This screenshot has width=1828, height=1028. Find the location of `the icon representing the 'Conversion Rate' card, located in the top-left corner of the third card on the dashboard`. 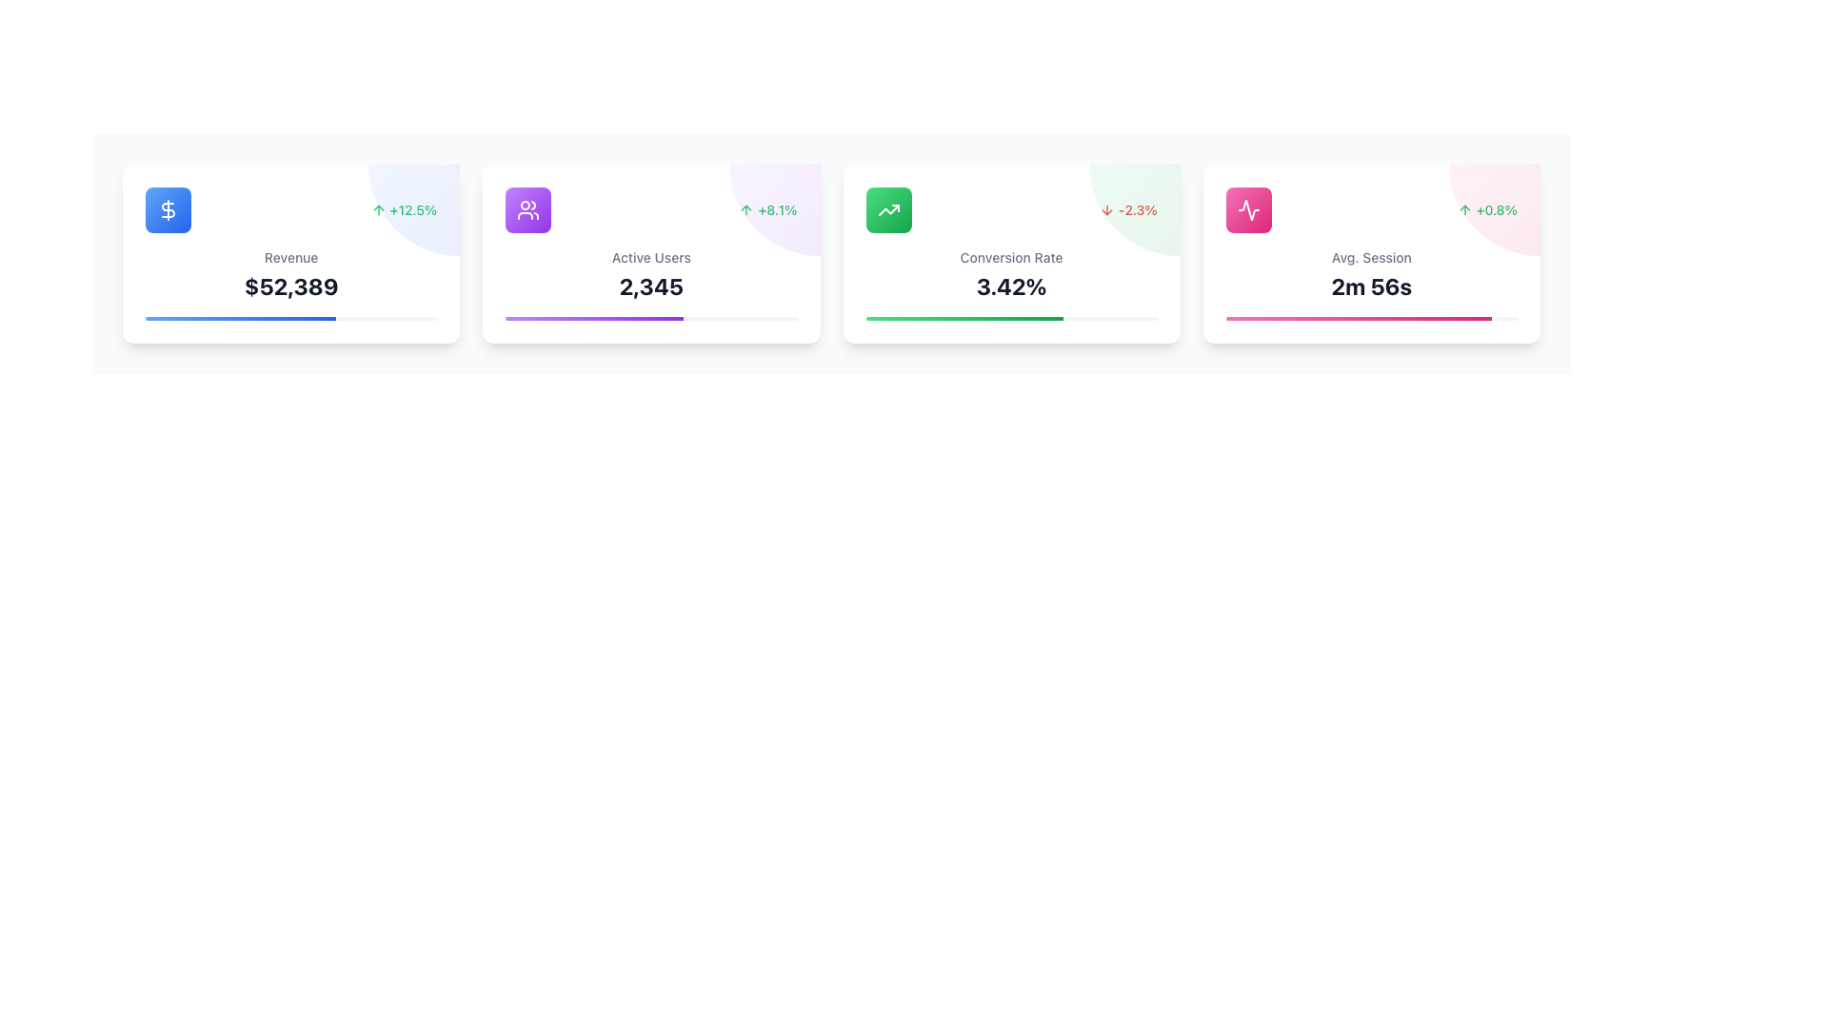

the icon representing the 'Conversion Rate' card, located in the top-left corner of the third card on the dashboard is located at coordinates (887, 209).